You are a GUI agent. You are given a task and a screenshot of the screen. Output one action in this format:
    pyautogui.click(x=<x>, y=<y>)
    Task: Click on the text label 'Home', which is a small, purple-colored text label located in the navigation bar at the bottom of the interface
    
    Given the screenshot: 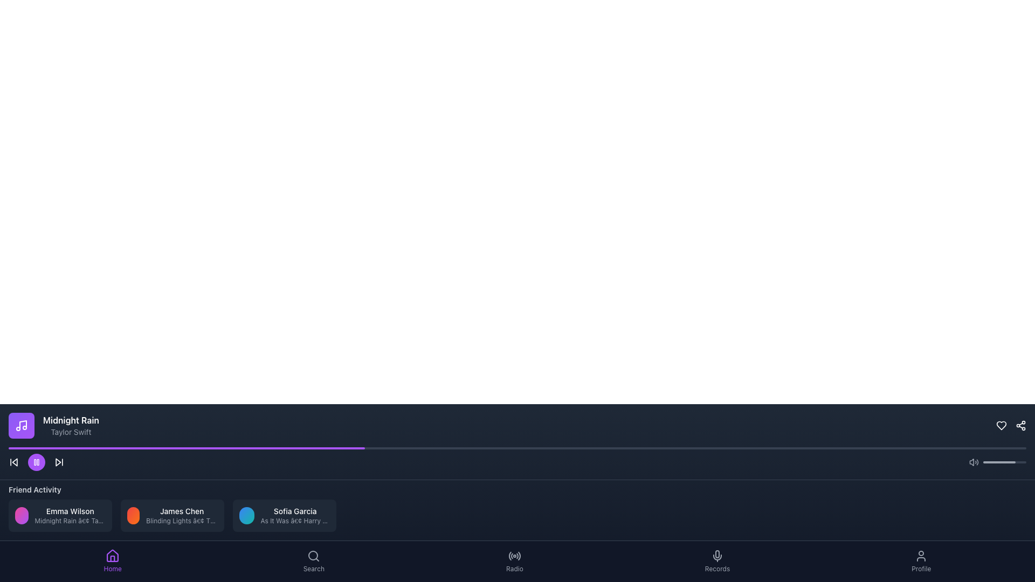 What is the action you would take?
    pyautogui.click(x=113, y=569)
    